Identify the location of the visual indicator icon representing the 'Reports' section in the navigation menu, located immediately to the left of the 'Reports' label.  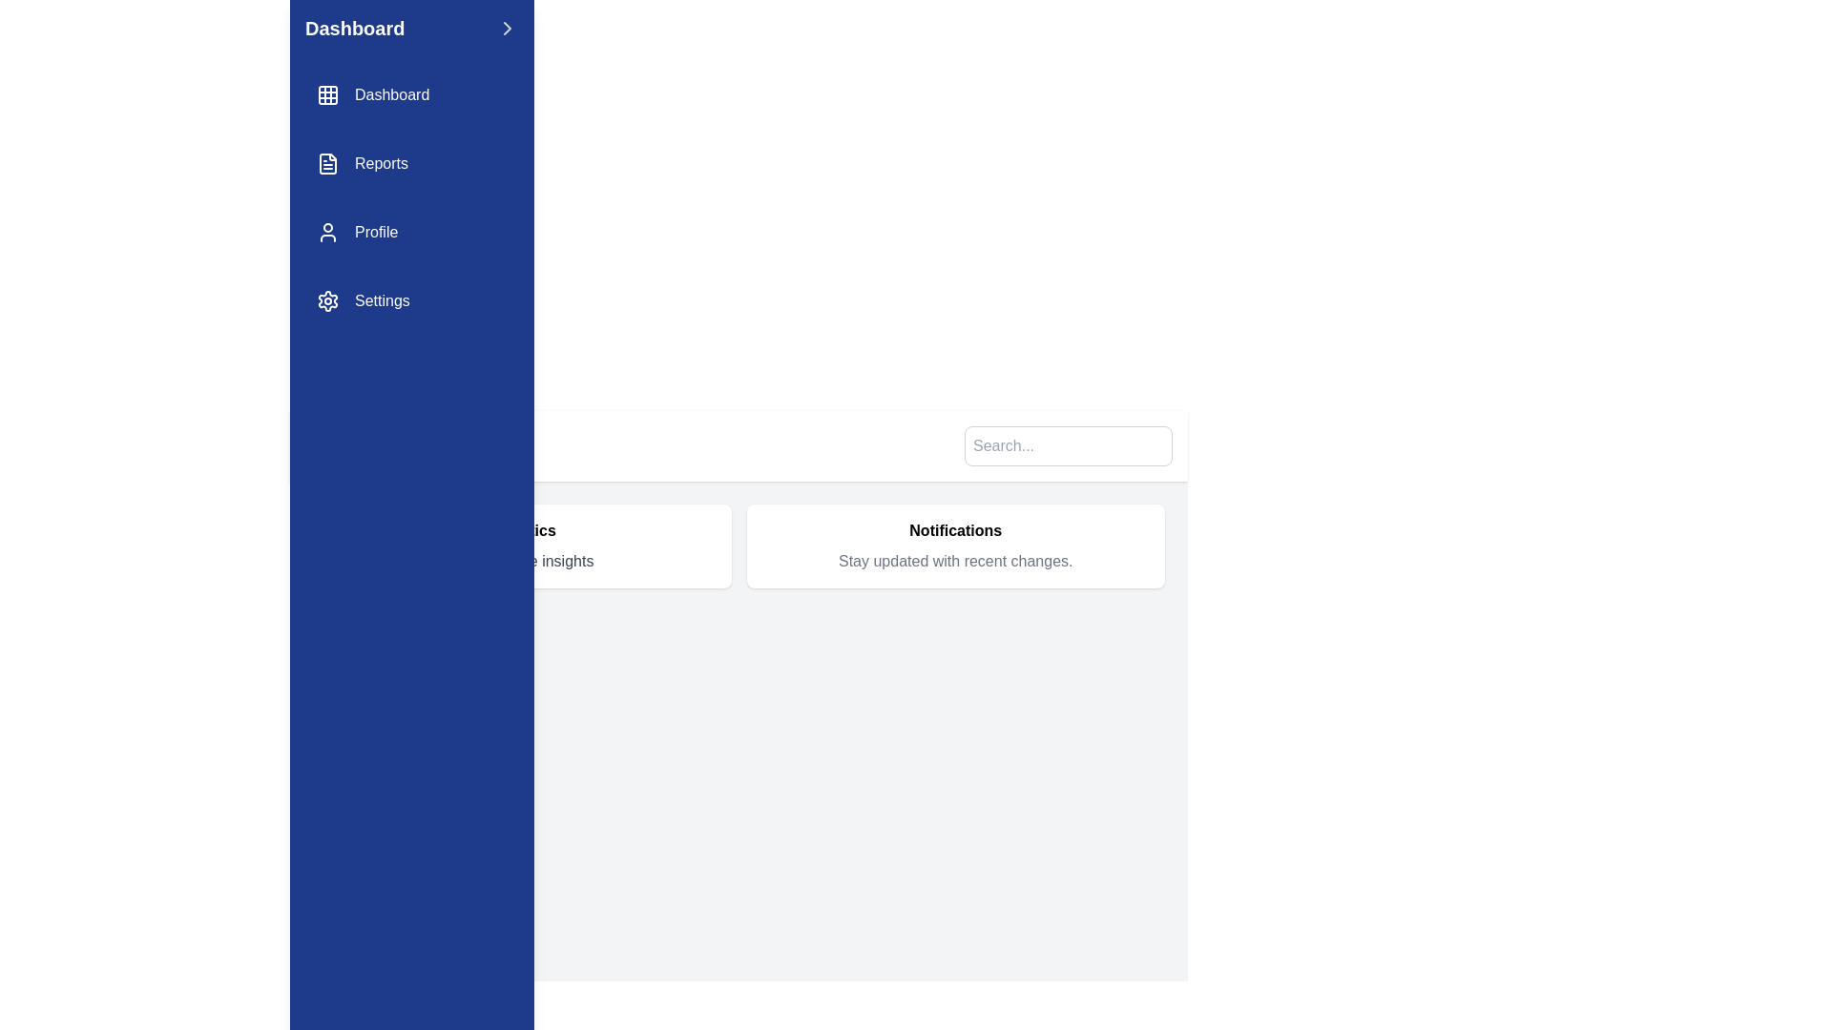
(328, 163).